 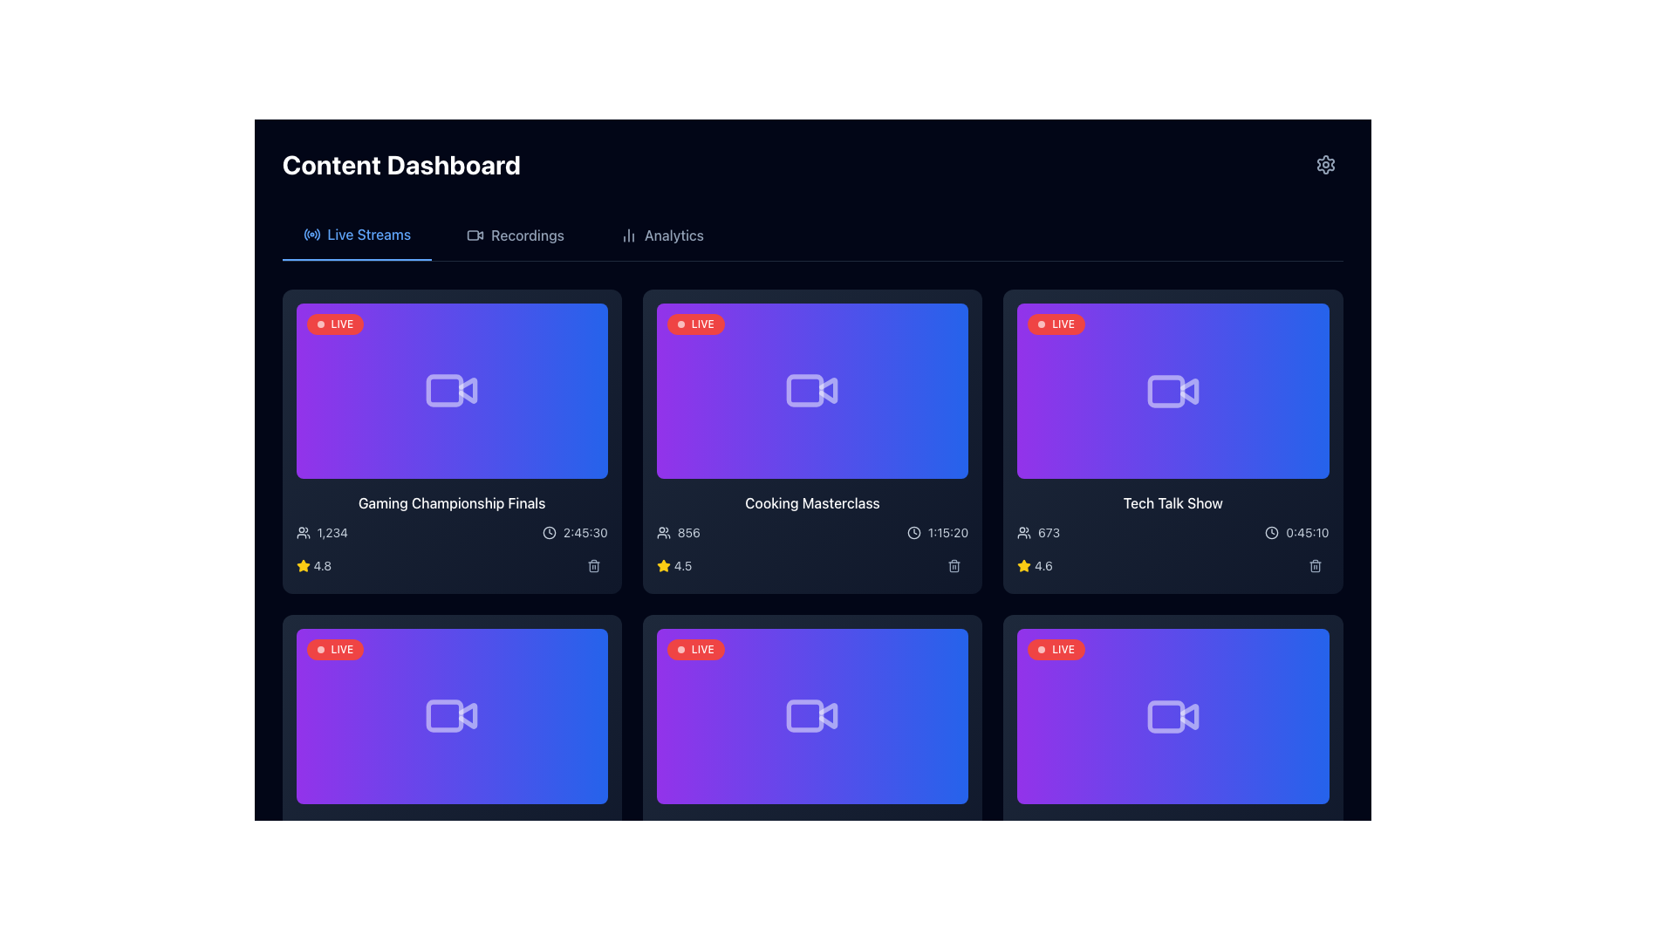 What do you see at coordinates (575, 531) in the screenshot?
I see `the Time display in the bottom-right corner of the 'Gaming Championship Finals' card` at bounding box center [575, 531].